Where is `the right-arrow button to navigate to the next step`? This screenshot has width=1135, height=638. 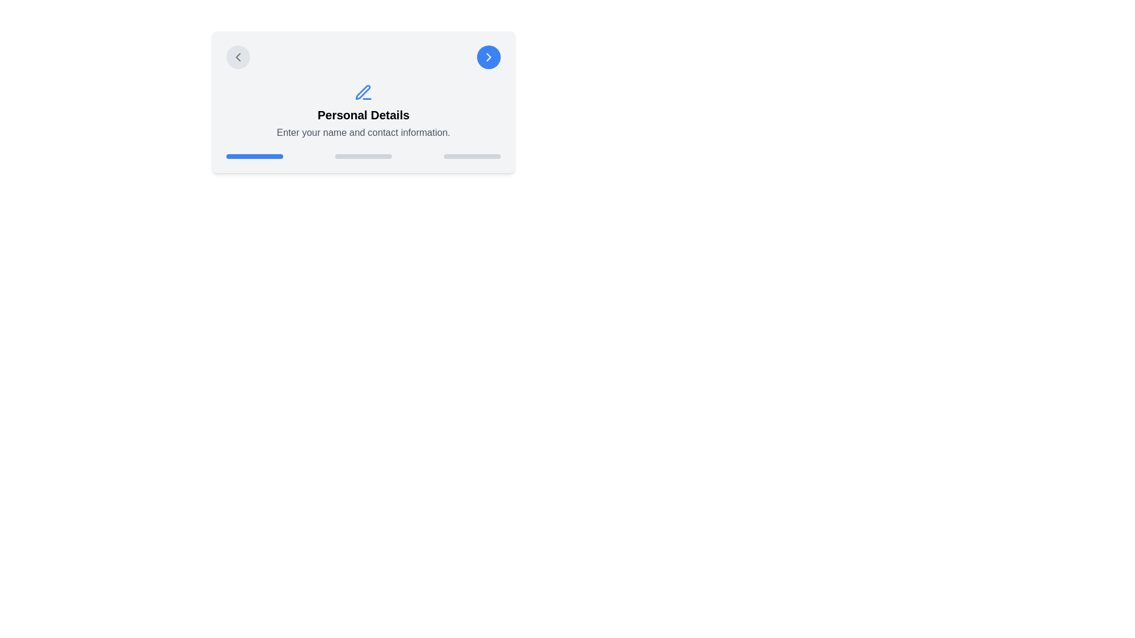
the right-arrow button to navigate to the next step is located at coordinates (488, 57).